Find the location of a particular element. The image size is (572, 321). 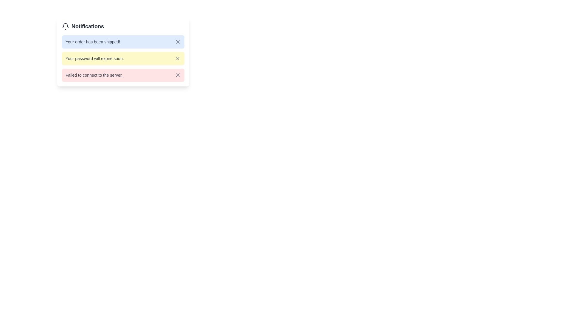

the notification message that informs the user their order has been shipped, which is the primary text in the first notification card is located at coordinates (92, 42).